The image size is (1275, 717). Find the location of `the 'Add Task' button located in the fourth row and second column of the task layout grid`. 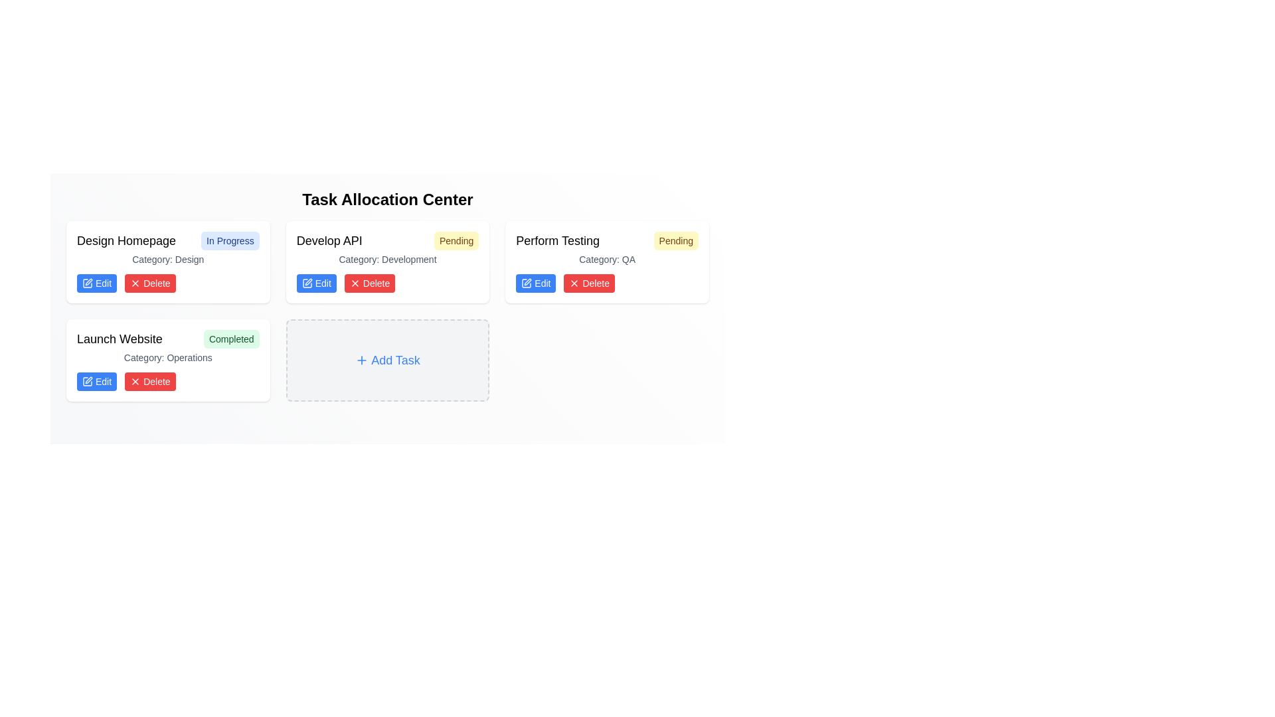

the 'Add Task' button located in the fourth row and second column of the task layout grid is located at coordinates (387, 360).